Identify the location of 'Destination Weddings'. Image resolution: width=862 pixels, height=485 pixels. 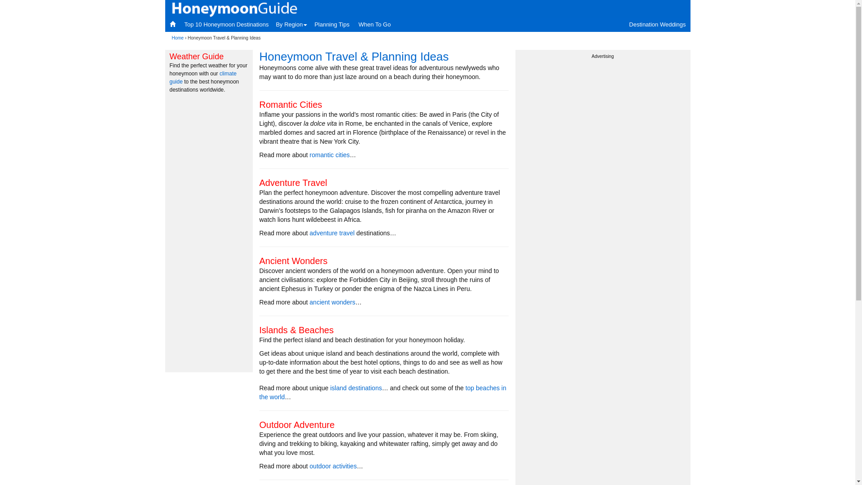
(657, 24).